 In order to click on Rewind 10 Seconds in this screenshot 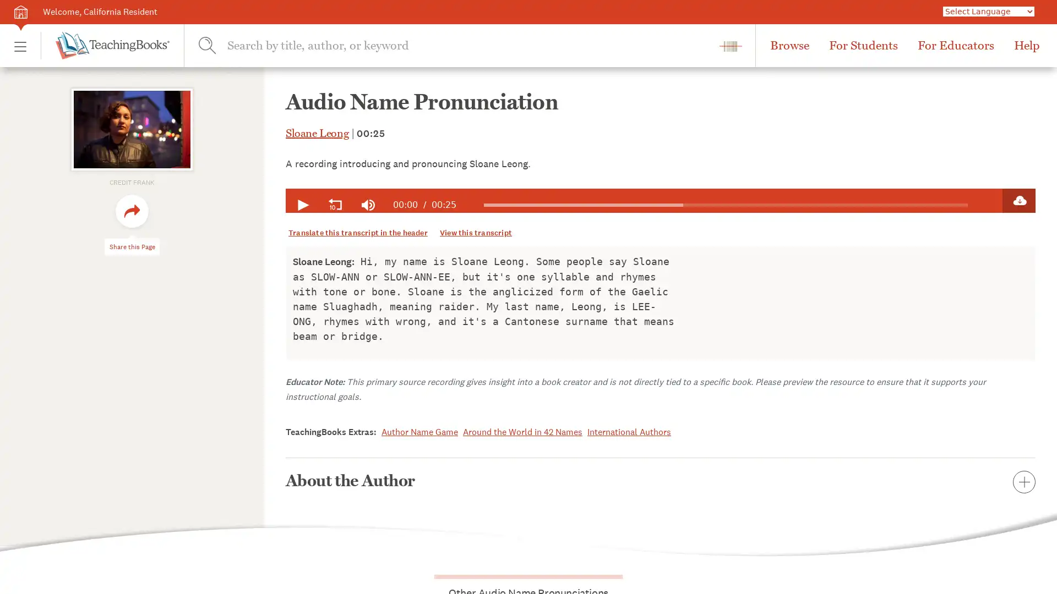, I will do `click(335, 205)`.